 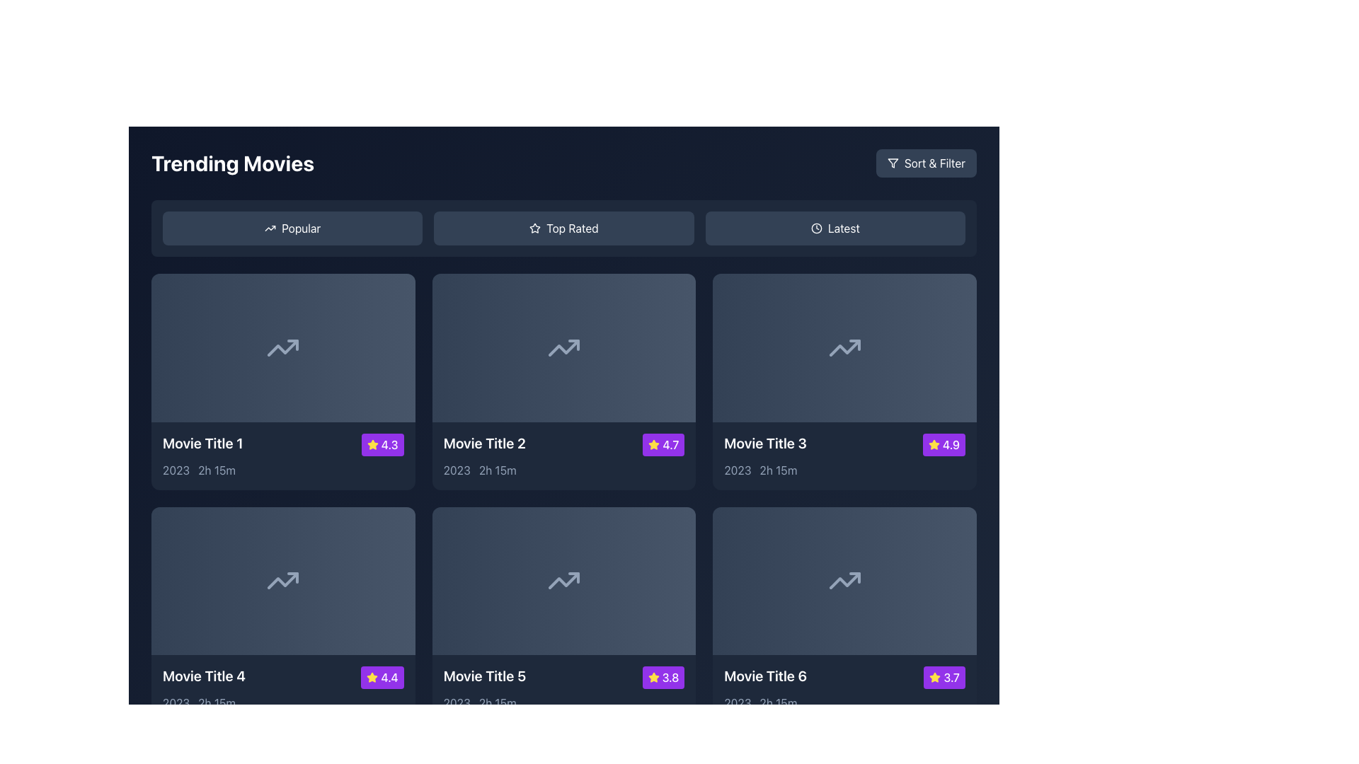 I want to click on static text label indicating the year associated with the movie described in the card, positioned below 'Movie Title 3' and preceding '2h 15m', so click(x=737, y=470).